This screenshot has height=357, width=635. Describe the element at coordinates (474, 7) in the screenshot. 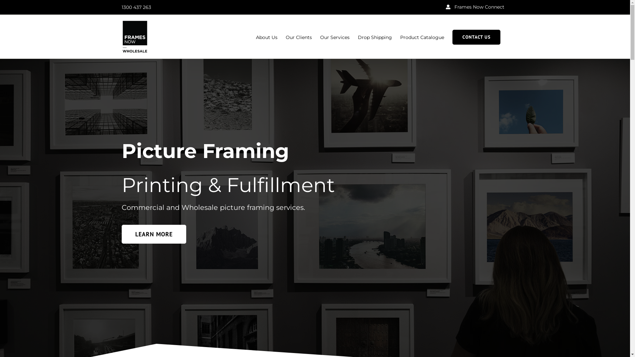

I see `'Frames Now Connect'` at that location.